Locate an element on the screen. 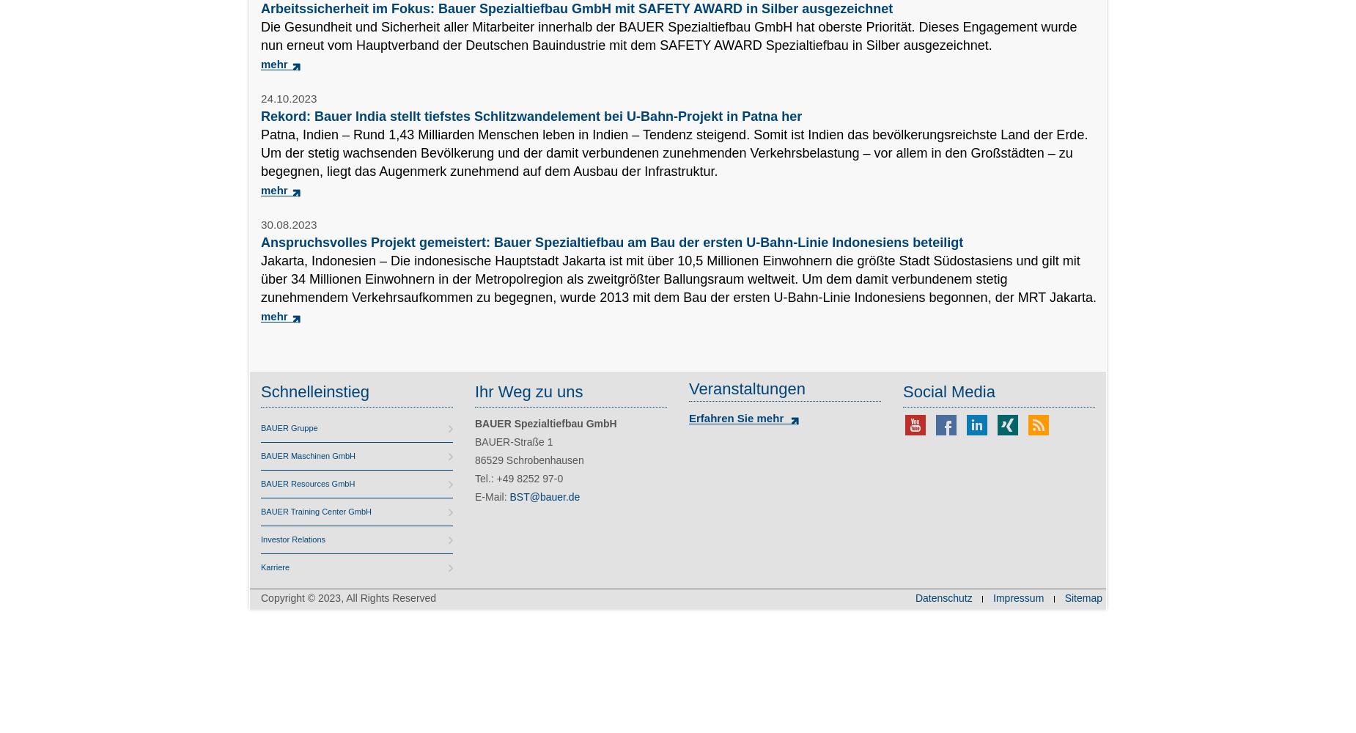 The width and height of the screenshot is (1356, 733). 'Social Media' is located at coordinates (948, 391).